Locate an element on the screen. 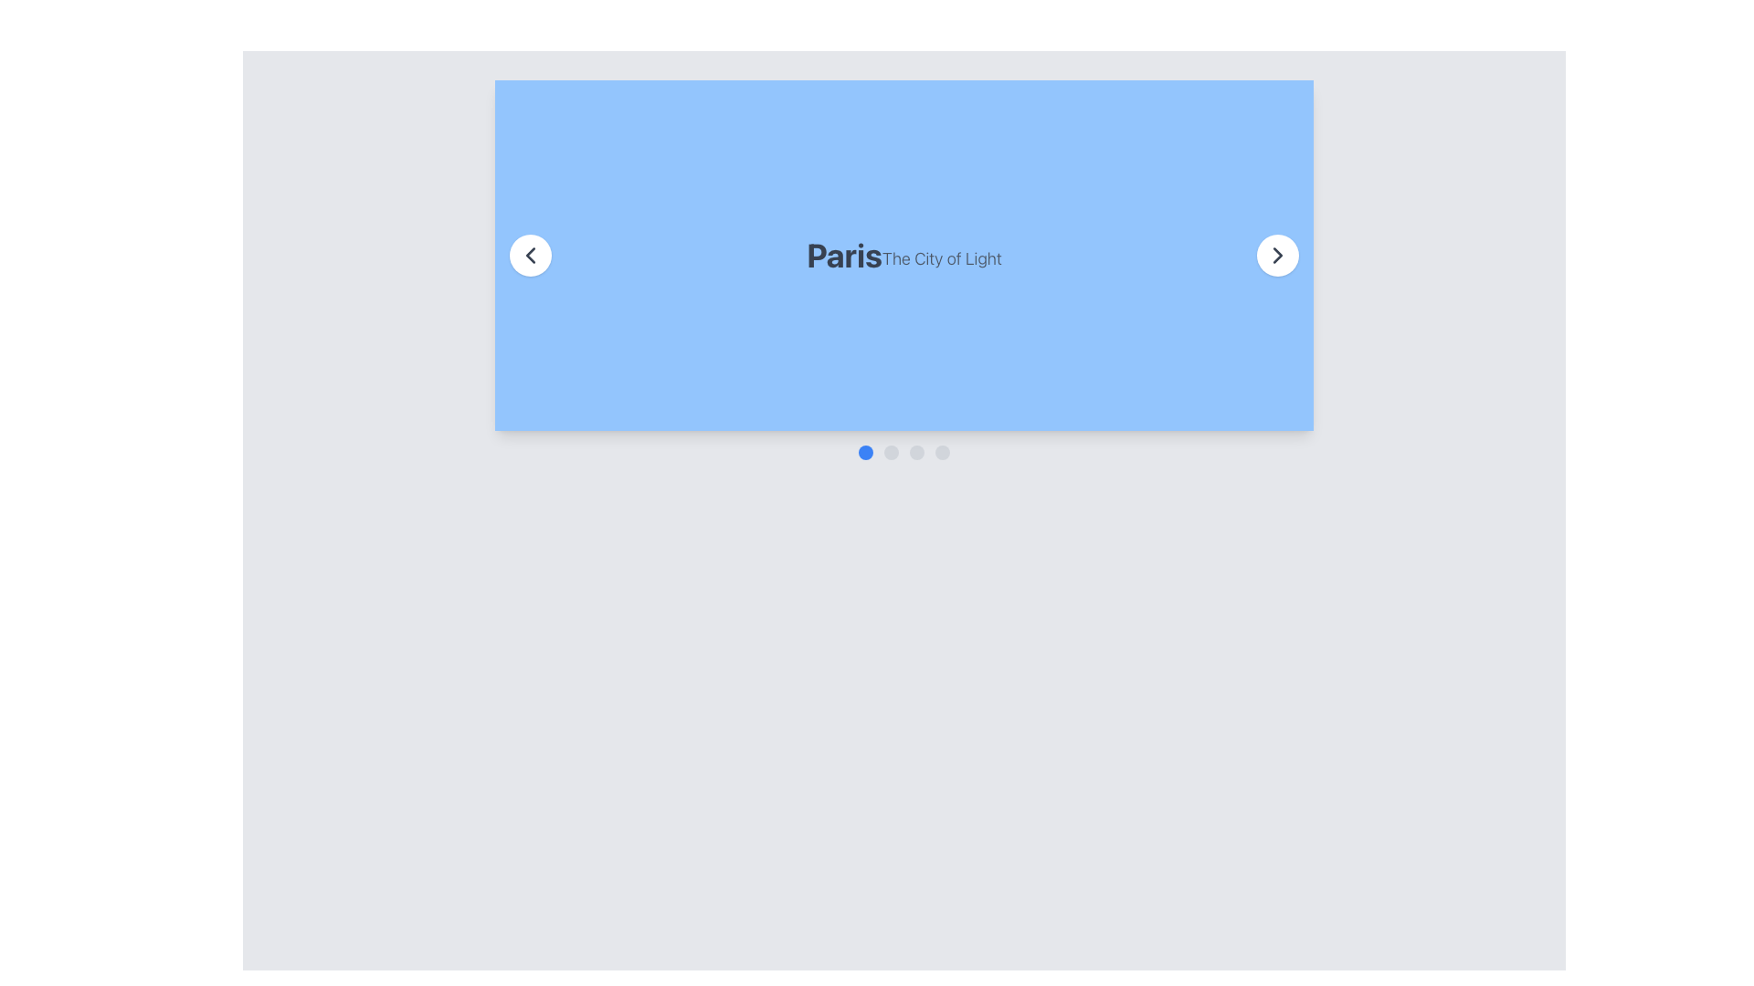 The height and width of the screenshot is (986, 1754). the second Navigation Dot, which is a small gray circular shape in a sequence of four circles is located at coordinates (891, 452).